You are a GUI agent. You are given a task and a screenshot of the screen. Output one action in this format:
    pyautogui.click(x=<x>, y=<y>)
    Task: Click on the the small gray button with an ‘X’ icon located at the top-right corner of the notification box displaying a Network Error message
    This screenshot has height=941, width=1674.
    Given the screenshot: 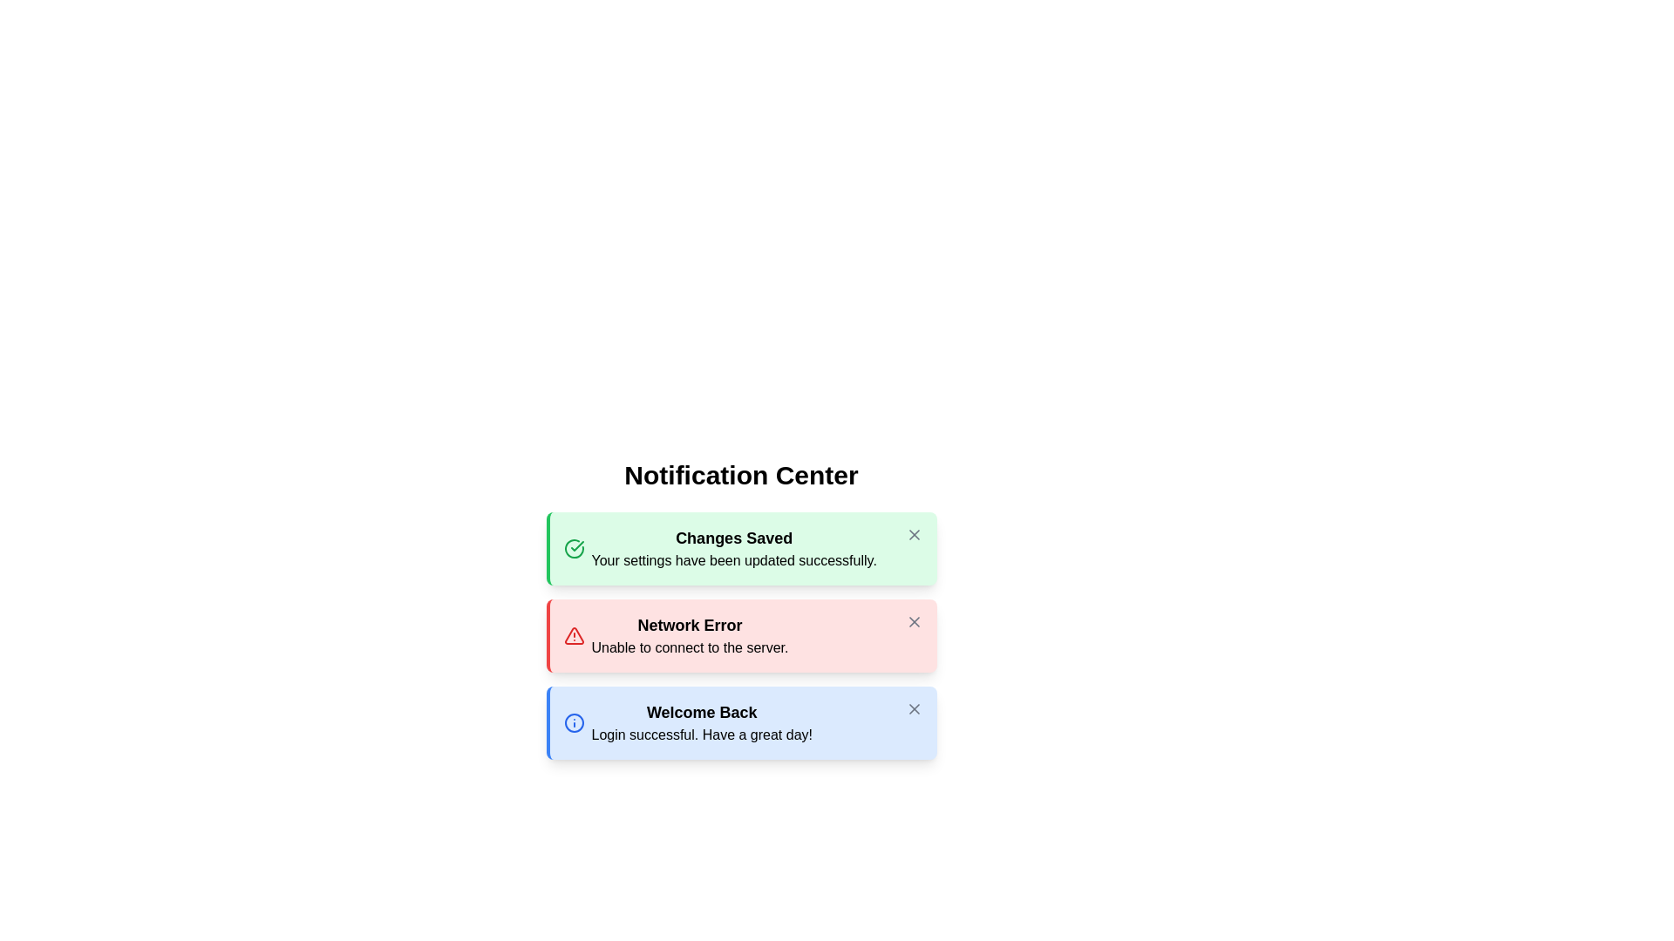 What is the action you would take?
    pyautogui.click(x=913, y=620)
    